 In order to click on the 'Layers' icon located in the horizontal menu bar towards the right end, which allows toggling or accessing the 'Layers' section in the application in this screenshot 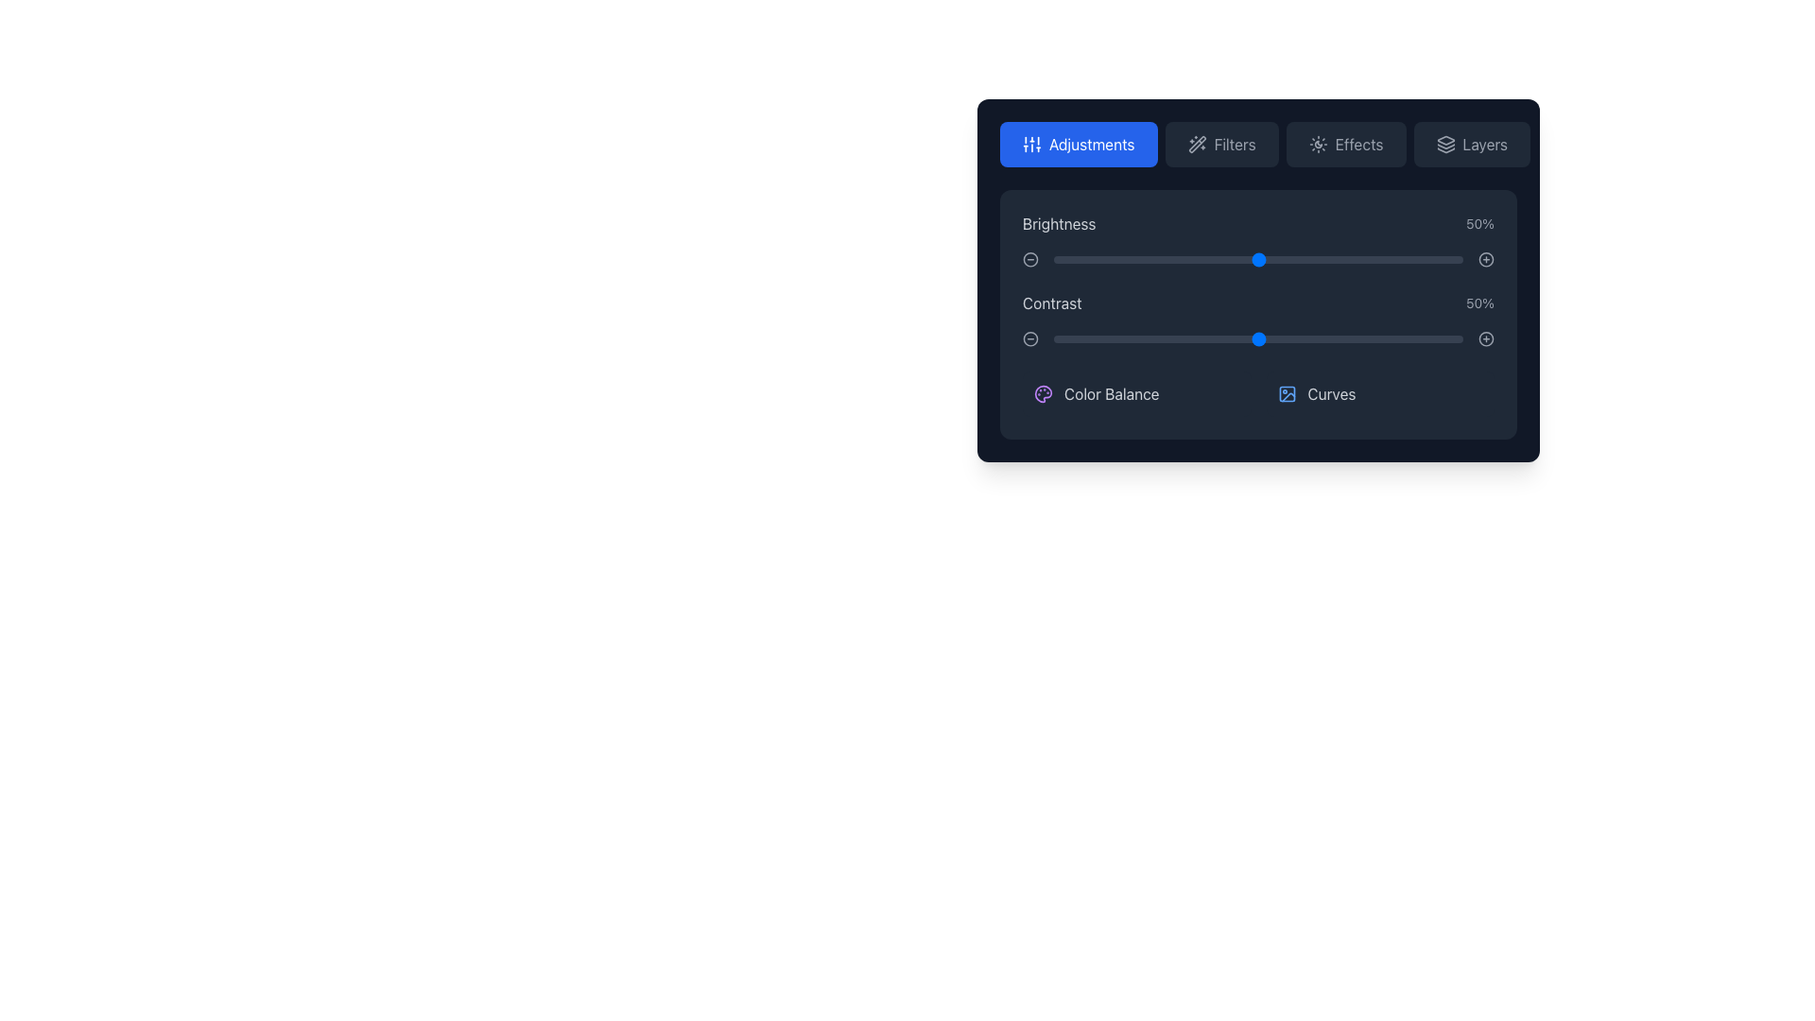, I will do `click(1444, 144)`.